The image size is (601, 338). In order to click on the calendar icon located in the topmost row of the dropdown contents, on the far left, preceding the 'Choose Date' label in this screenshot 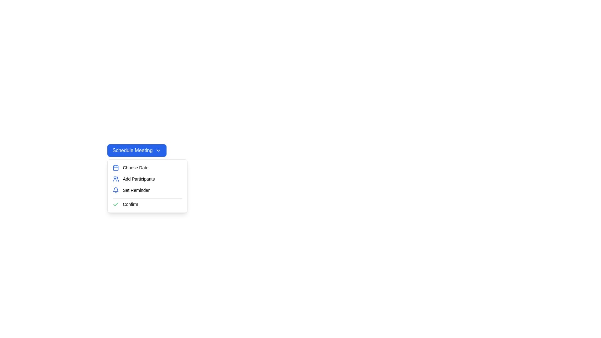, I will do `click(116, 167)`.